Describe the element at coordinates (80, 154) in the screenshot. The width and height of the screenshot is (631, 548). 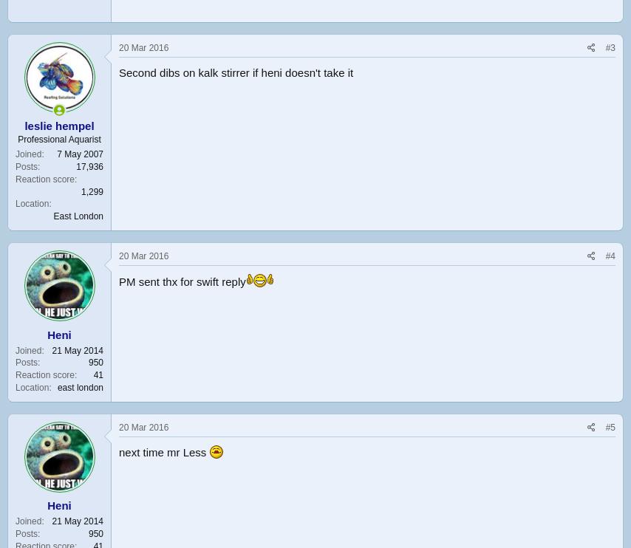
I see `'7 May 2007'` at that location.